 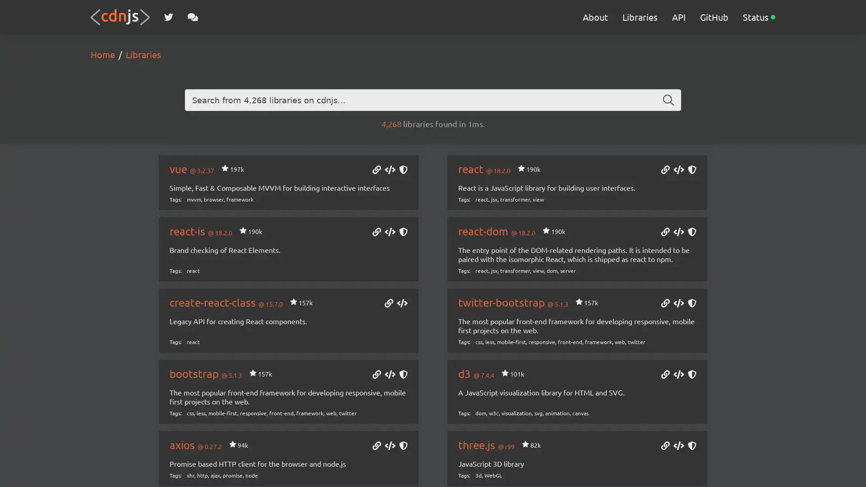 I want to click on Copy SRI Hash, so click(x=402, y=375).